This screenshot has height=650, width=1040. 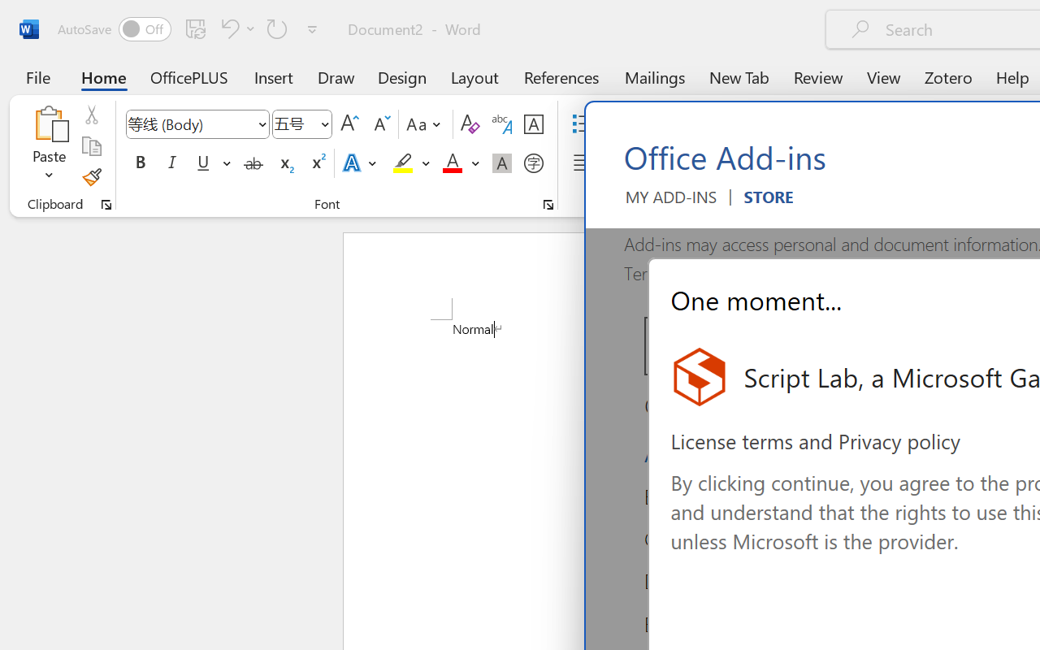 I want to click on 'Office Clipboard...', so click(x=106, y=204).